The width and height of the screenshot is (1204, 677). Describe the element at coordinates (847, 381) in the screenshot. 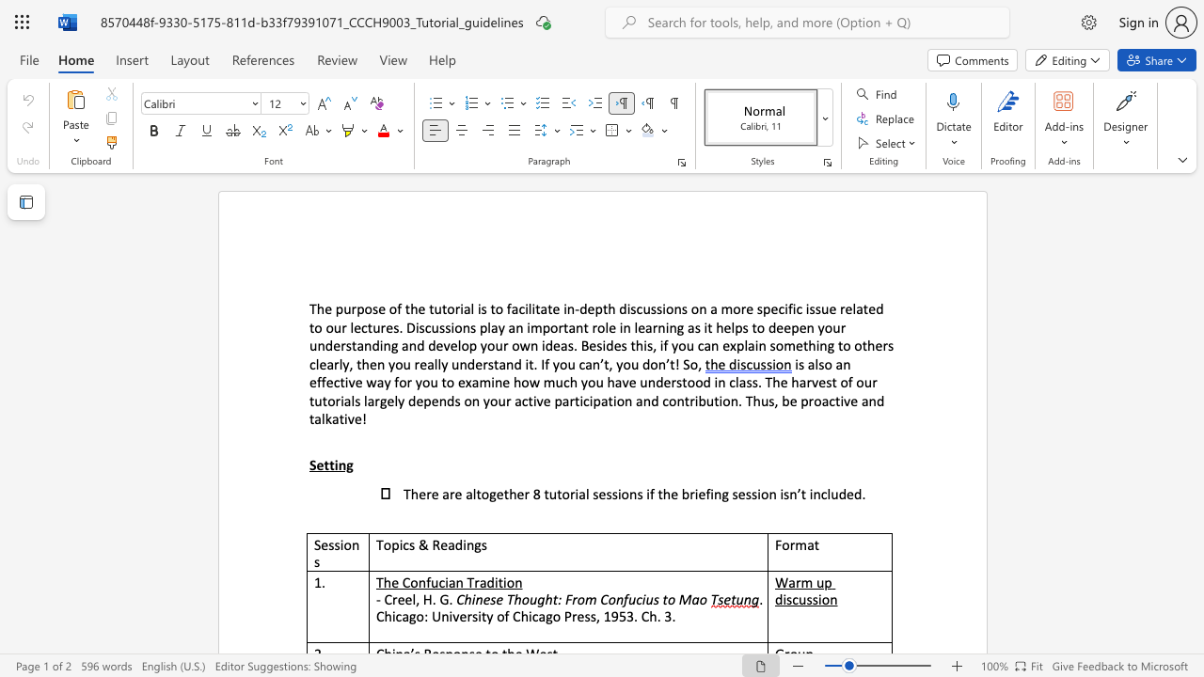

I see `the subset text "f o" within the text "is also an effective way for you to examine how much you have understood in class. The harvest of our tutorials"` at that location.